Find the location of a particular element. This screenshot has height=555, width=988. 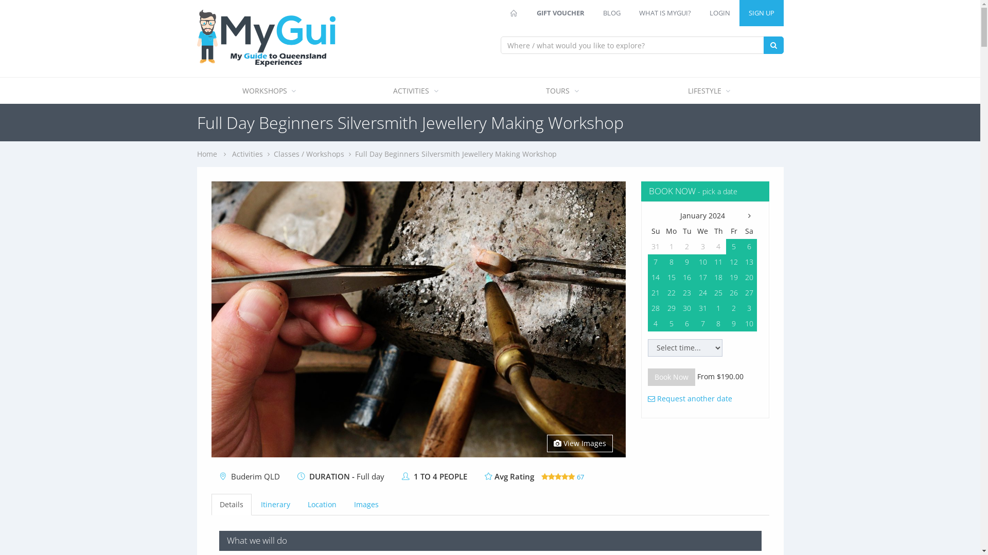

'Details' is located at coordinates (231, 504).